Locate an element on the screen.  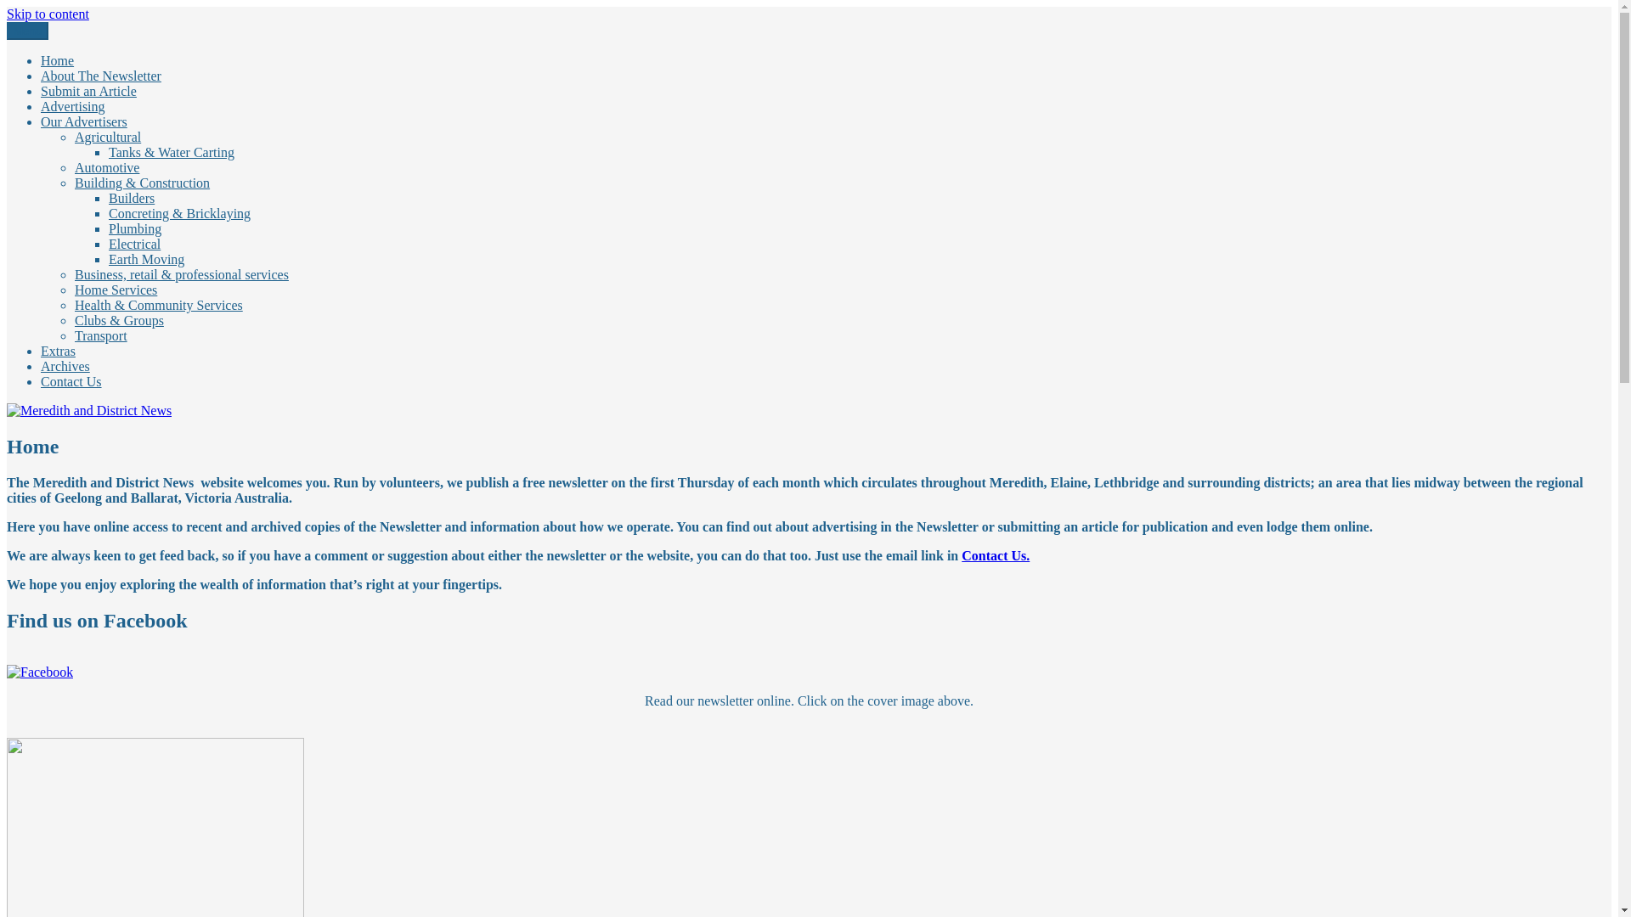
'Facebook' is located at coordinates (40, 671).